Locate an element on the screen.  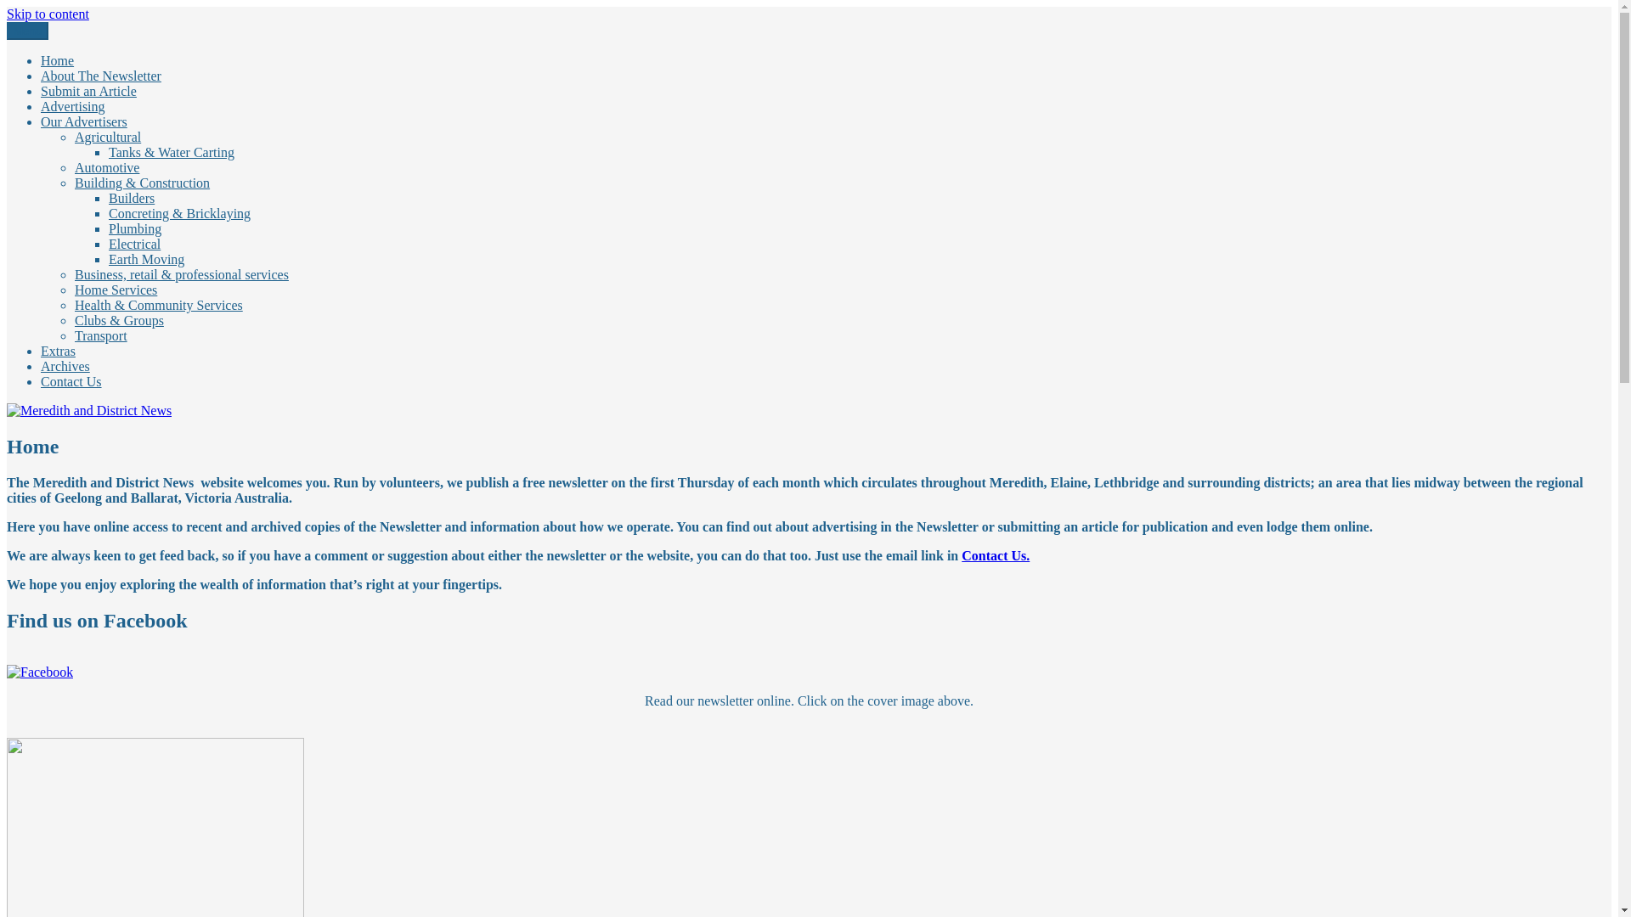
'Facebook' is located at coordinates (40, 671).